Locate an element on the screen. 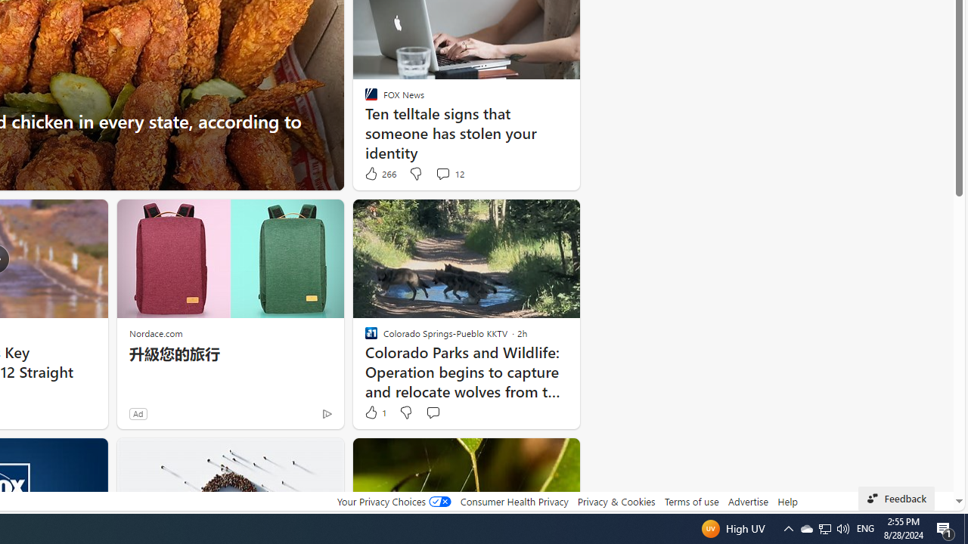 The height and width of the screenshot is (544, 968). '1 Like' is located at coordinates (374, 413).